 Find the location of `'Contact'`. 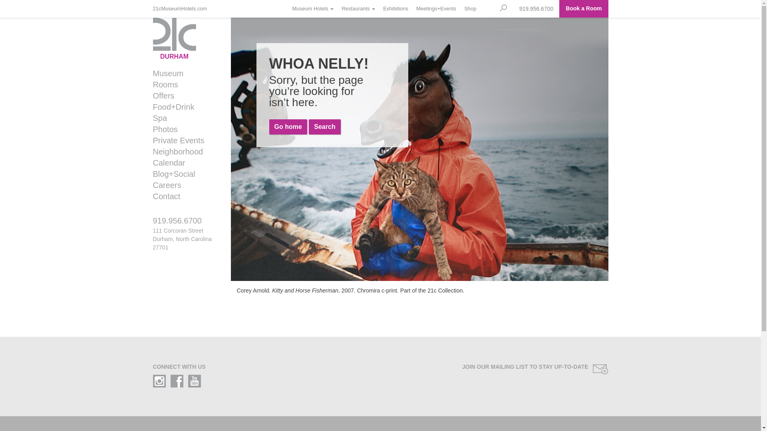

'Contact' is located at coordinates (147, 196).